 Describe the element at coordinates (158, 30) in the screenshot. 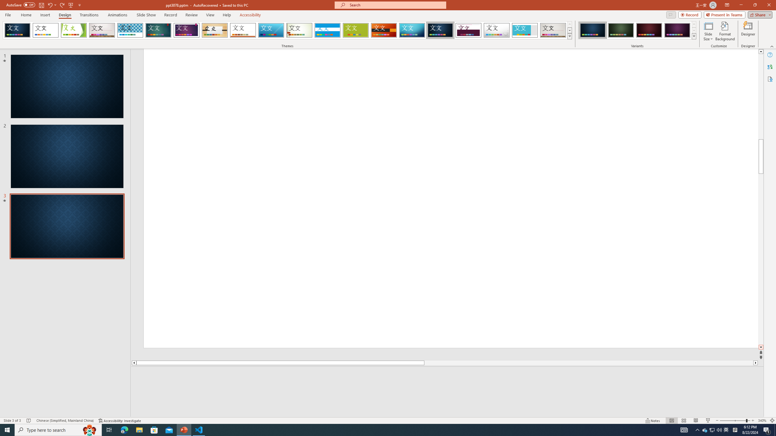

I see `'Ion'` at that location.